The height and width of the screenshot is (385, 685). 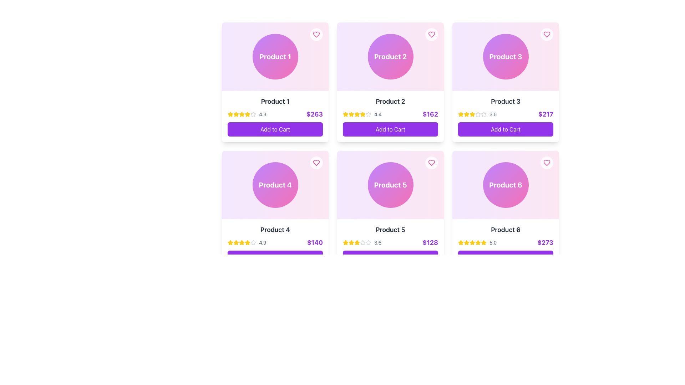 What do you see at coordinates (493, 114) in the screenshot?
I see `the text component displaying the value '3.5' next to the star icons in the rating section of the third product card` at bounding box center [493, 114].